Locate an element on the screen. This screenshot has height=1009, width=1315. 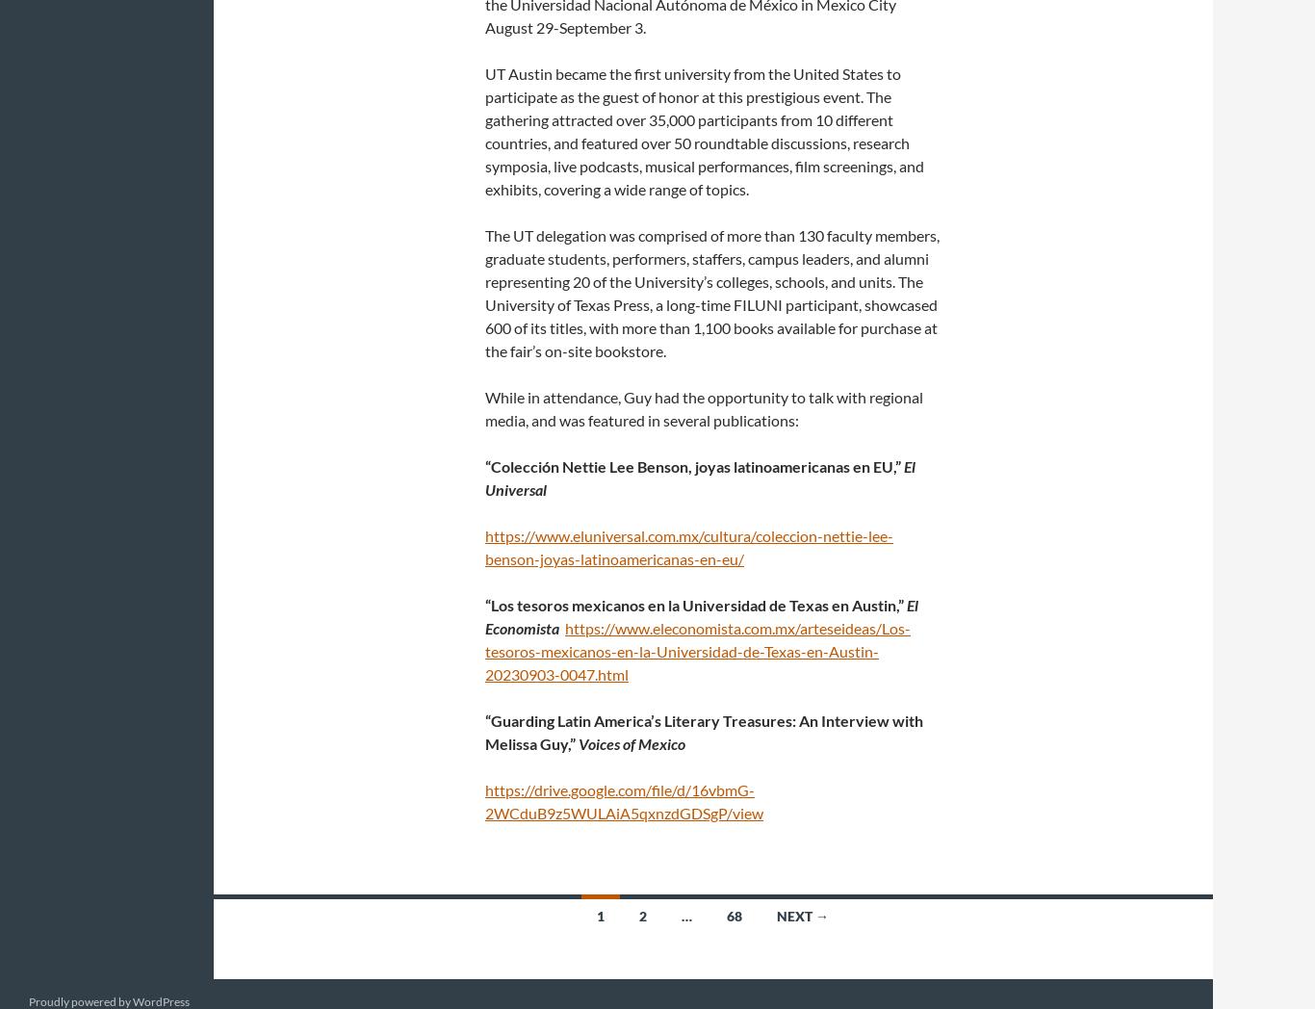
'While in attendance, Guy had the opportunity to talk with regional media, and was featured in several publications:' is located at coordinates (485, 408).